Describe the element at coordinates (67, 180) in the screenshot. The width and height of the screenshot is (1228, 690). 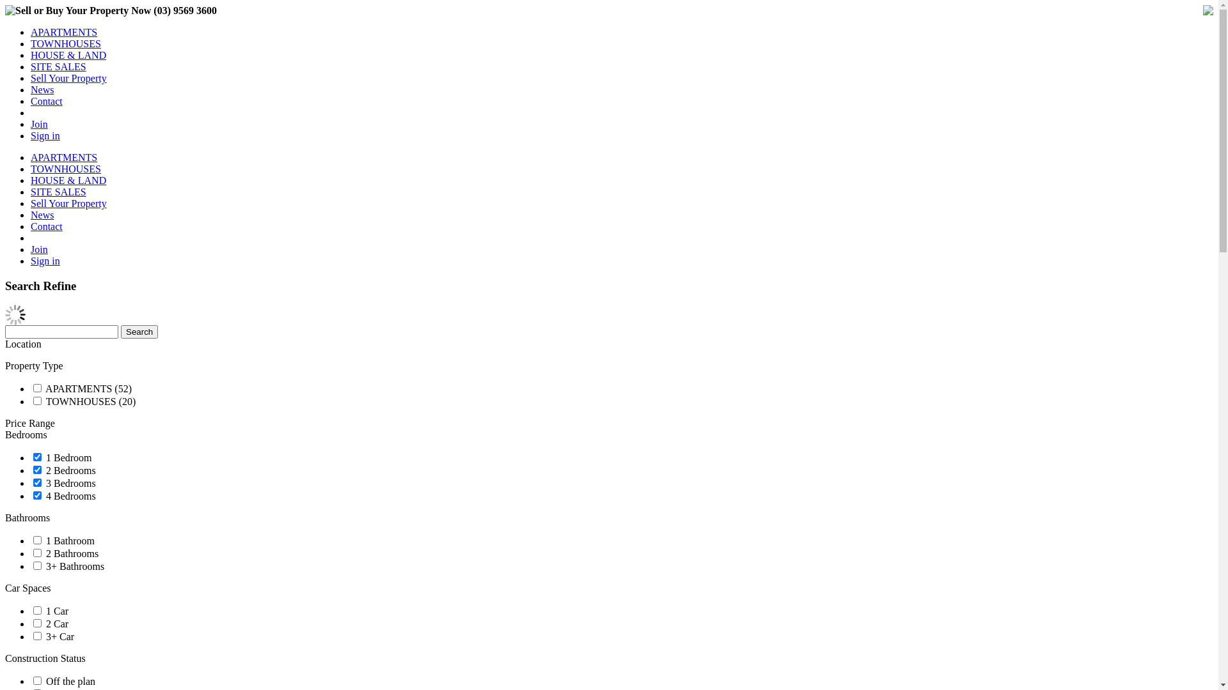
I see `'HOUSE & LAND'` at that location.